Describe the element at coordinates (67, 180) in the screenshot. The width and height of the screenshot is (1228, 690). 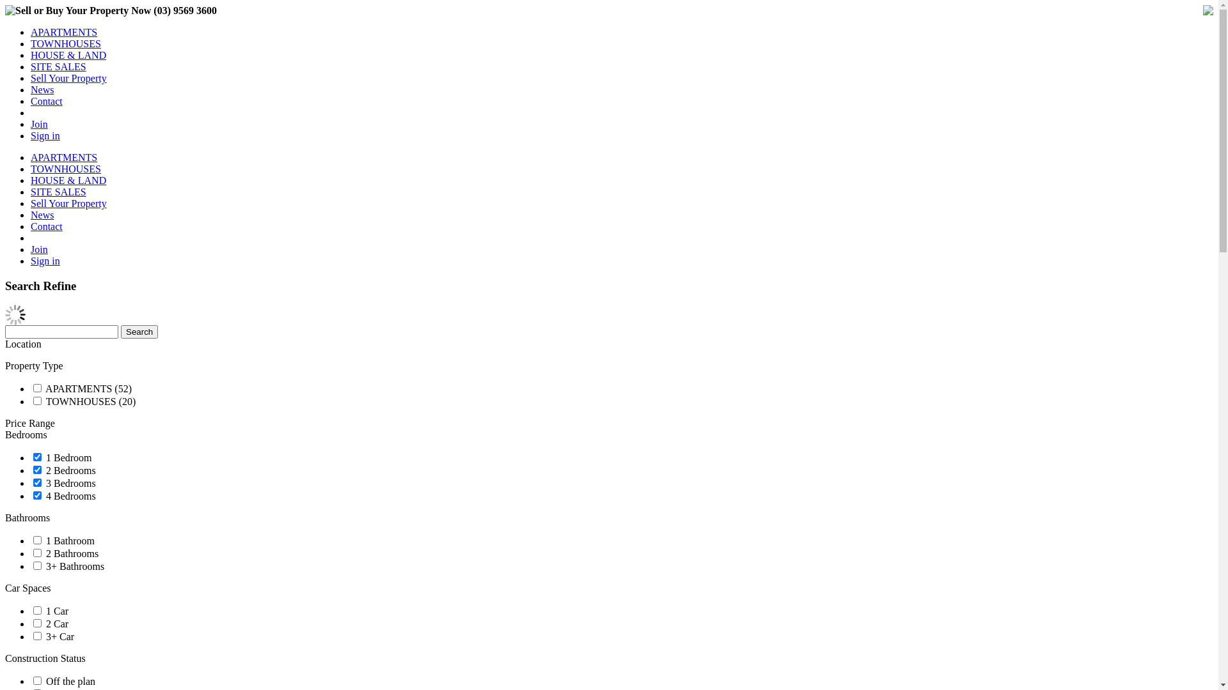
I see `'HOUSE & LAND'` at that location.